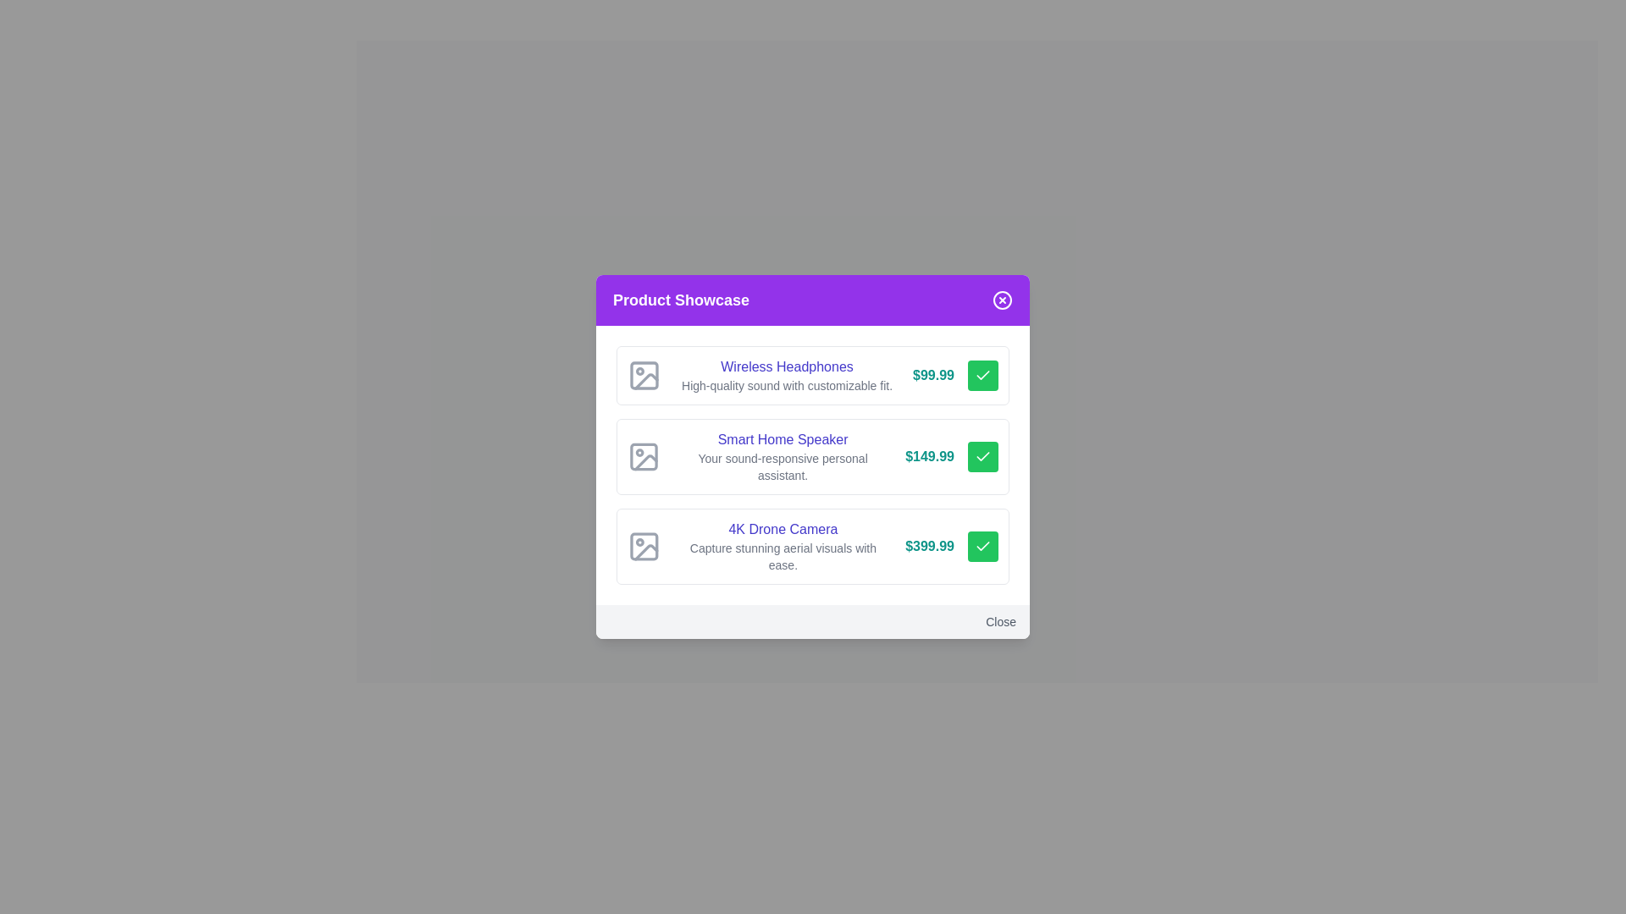  Describe the element at coordinates (782, 528) in the screenshot. I see `the text label that reads '4K Drone Camera', which is styled in medium-weight indigo blue font and is positioned above a descriptive text block in the product description layout` at that location.